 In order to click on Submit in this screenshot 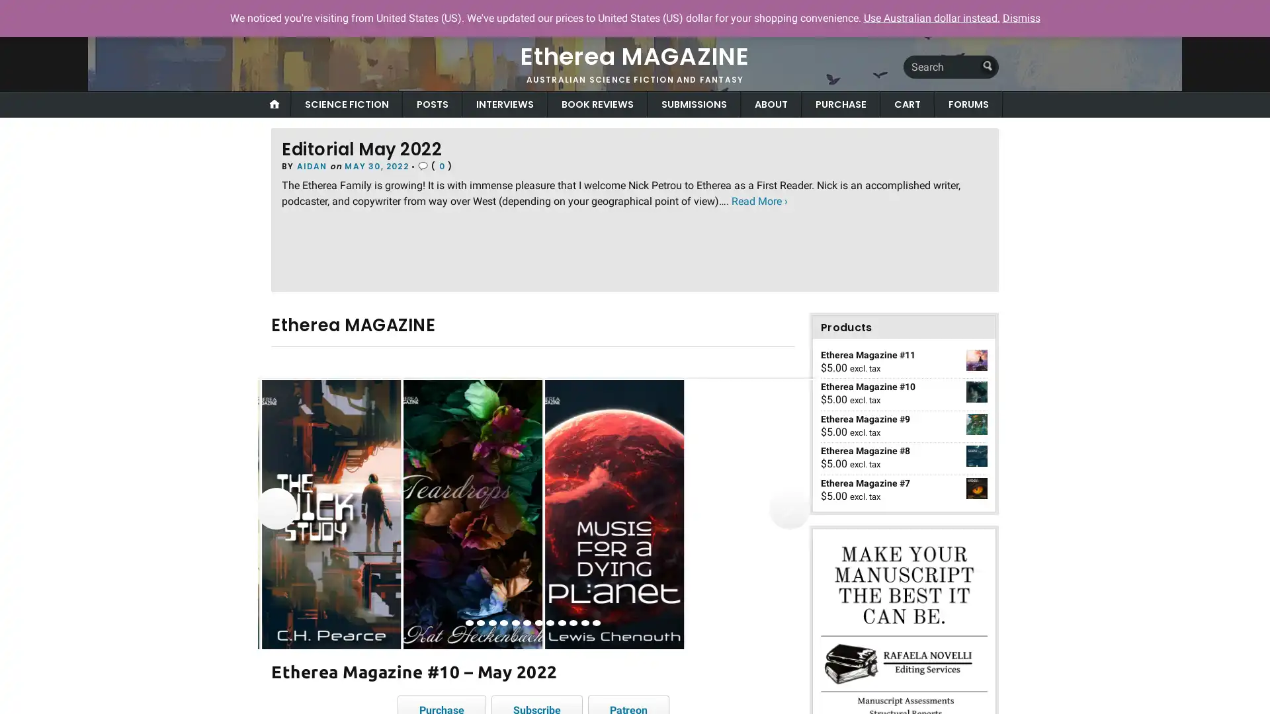, I will do `click(988, 66)`.